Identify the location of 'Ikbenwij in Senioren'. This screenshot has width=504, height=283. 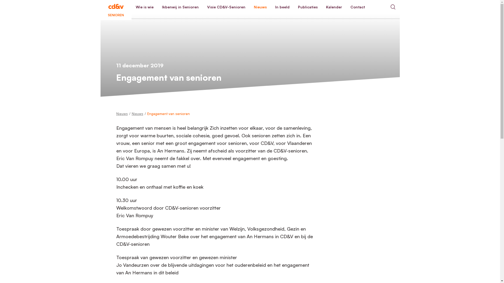
(180, 7).